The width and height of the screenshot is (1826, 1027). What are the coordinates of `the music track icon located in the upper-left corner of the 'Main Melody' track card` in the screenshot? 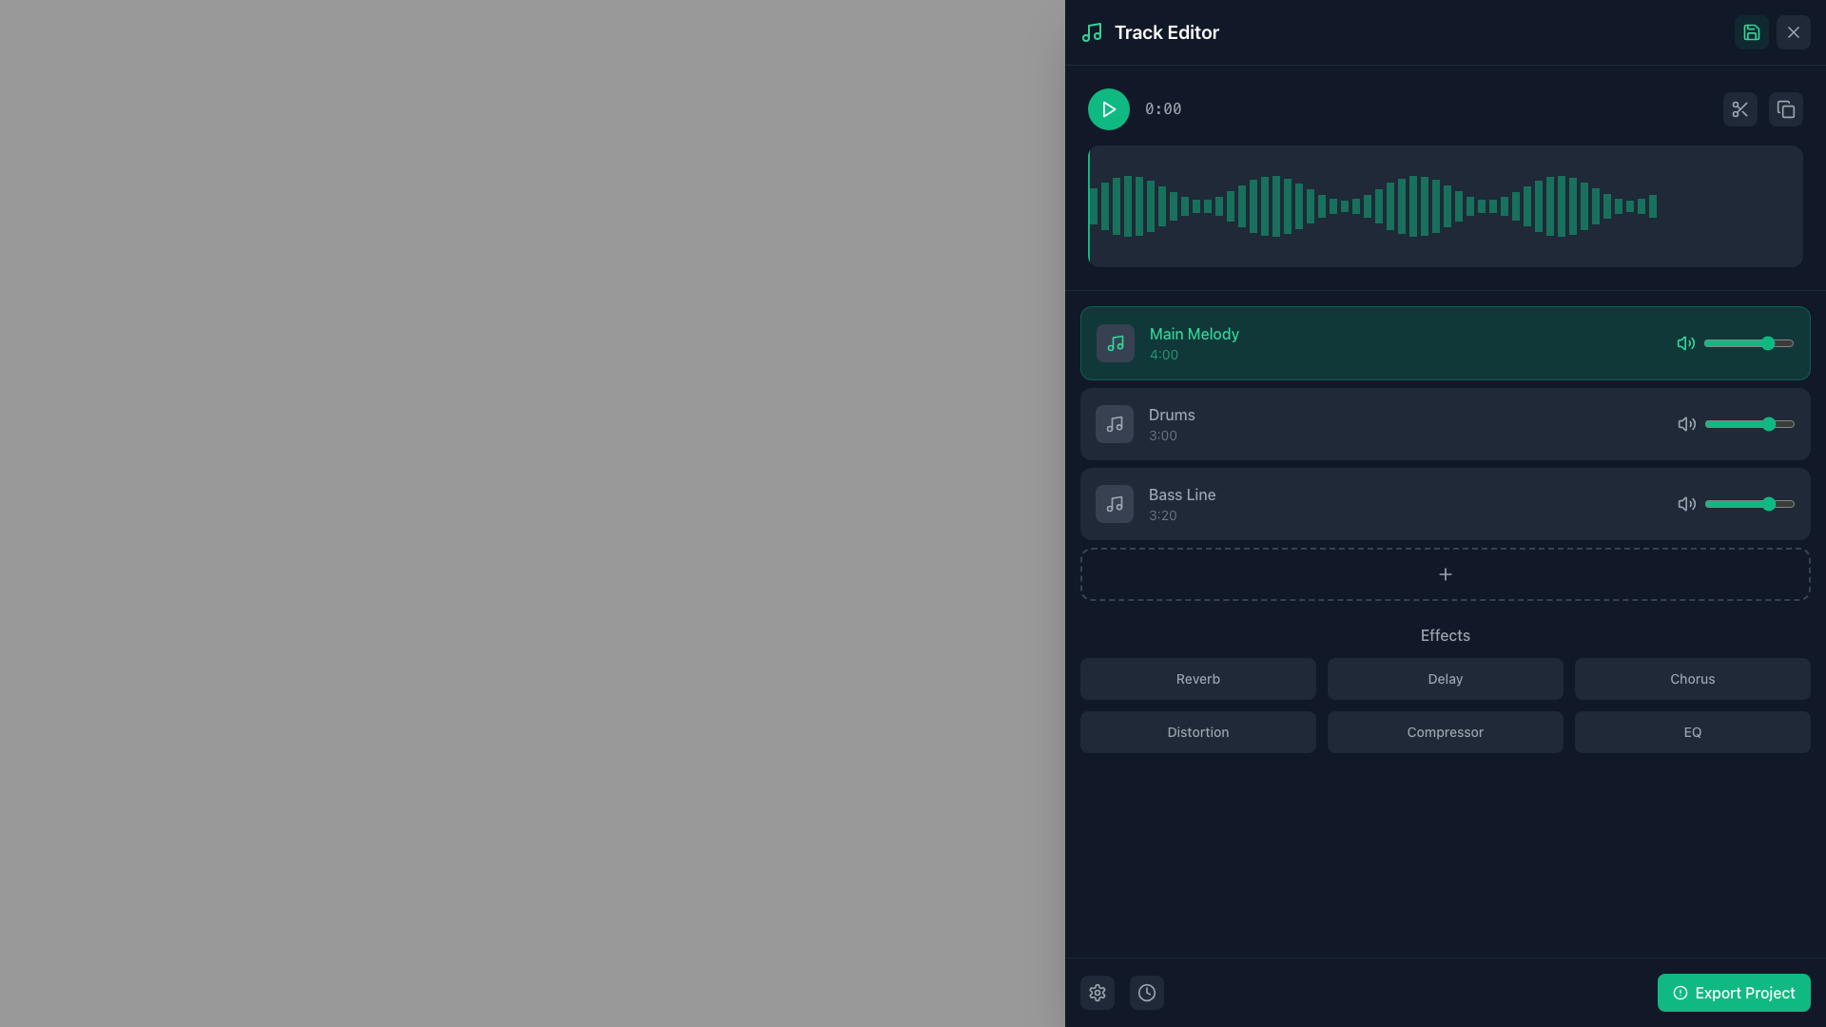 It's located at (1115, 343).